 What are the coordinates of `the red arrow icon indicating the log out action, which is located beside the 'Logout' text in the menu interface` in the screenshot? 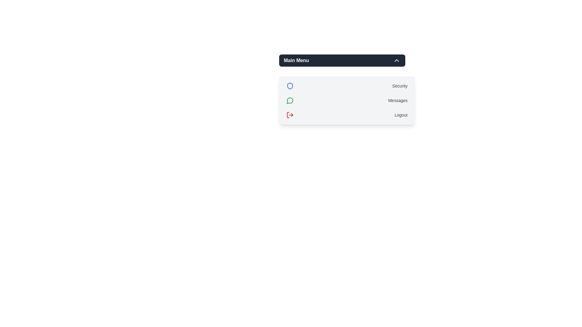 It's located at (292, 115).